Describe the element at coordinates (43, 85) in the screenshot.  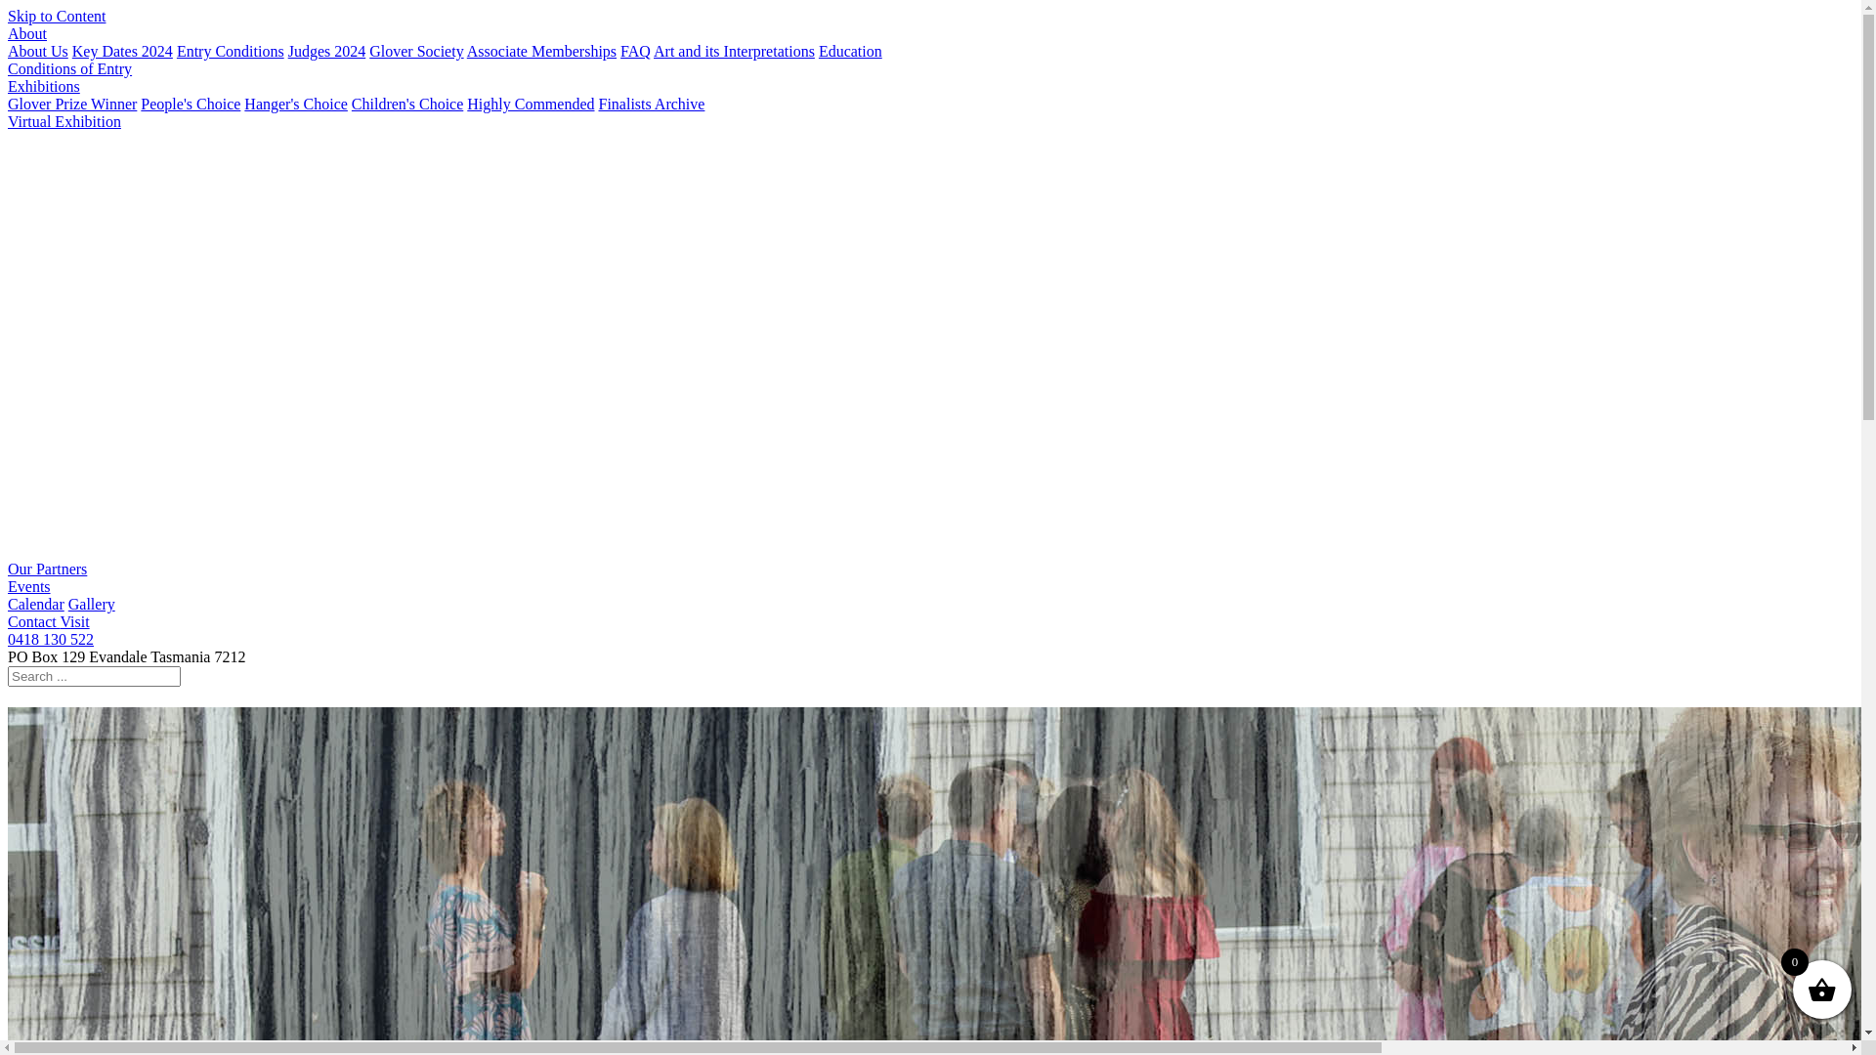
I see `'Exhibitions'` at that location.